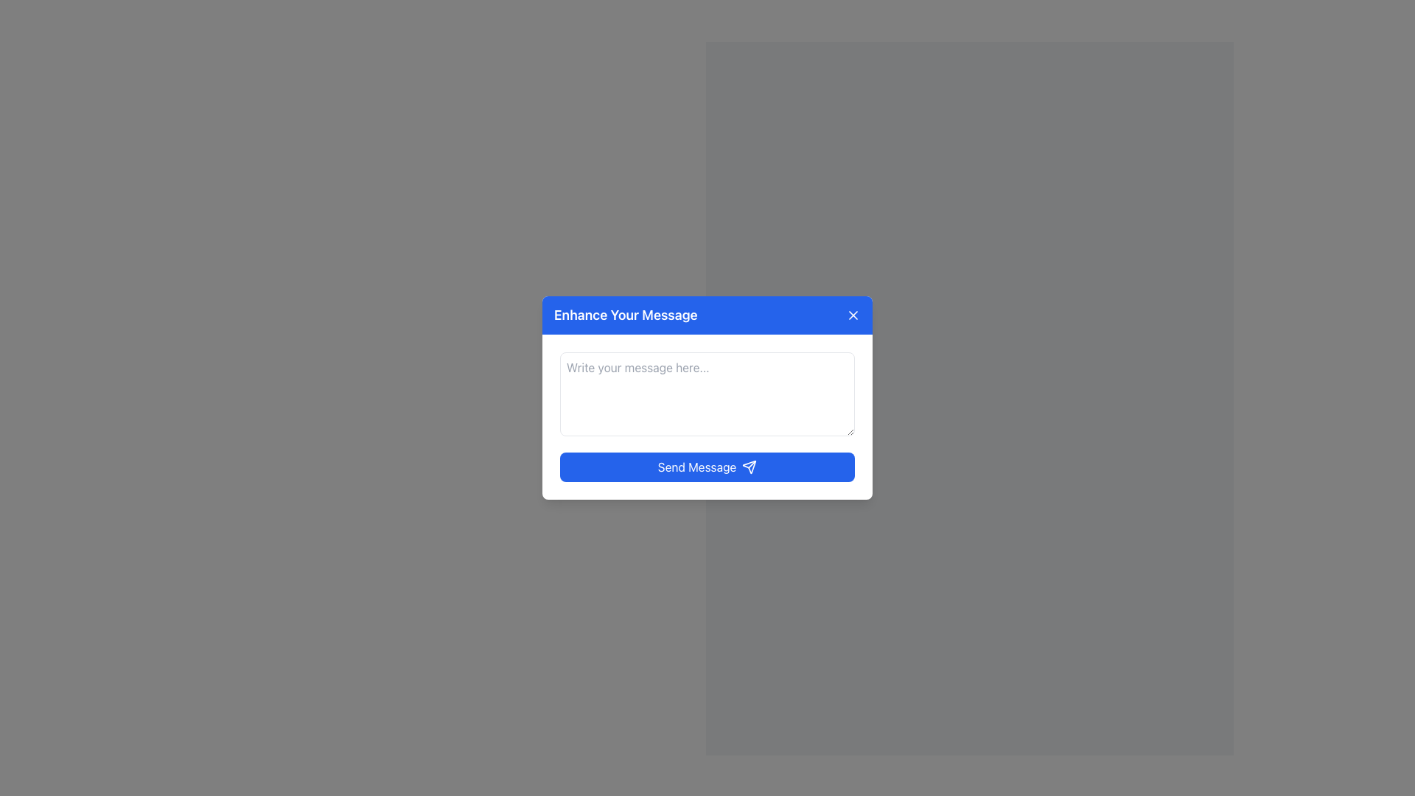 The height and width of the screenshot is (796, 1415). What do you see at coordinates (750, 467) in the screenshot?
I see `the 'send' vector graphic icon, which indicates the action of sending a message, positioned adjacent to the 'Send Message' button` at bounding box center [750, 467].